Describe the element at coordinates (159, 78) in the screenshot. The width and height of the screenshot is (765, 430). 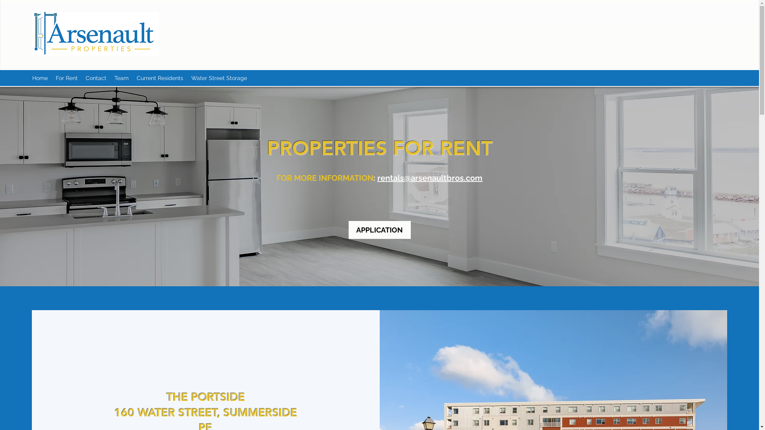
I see `'Current Residents'` at that location.